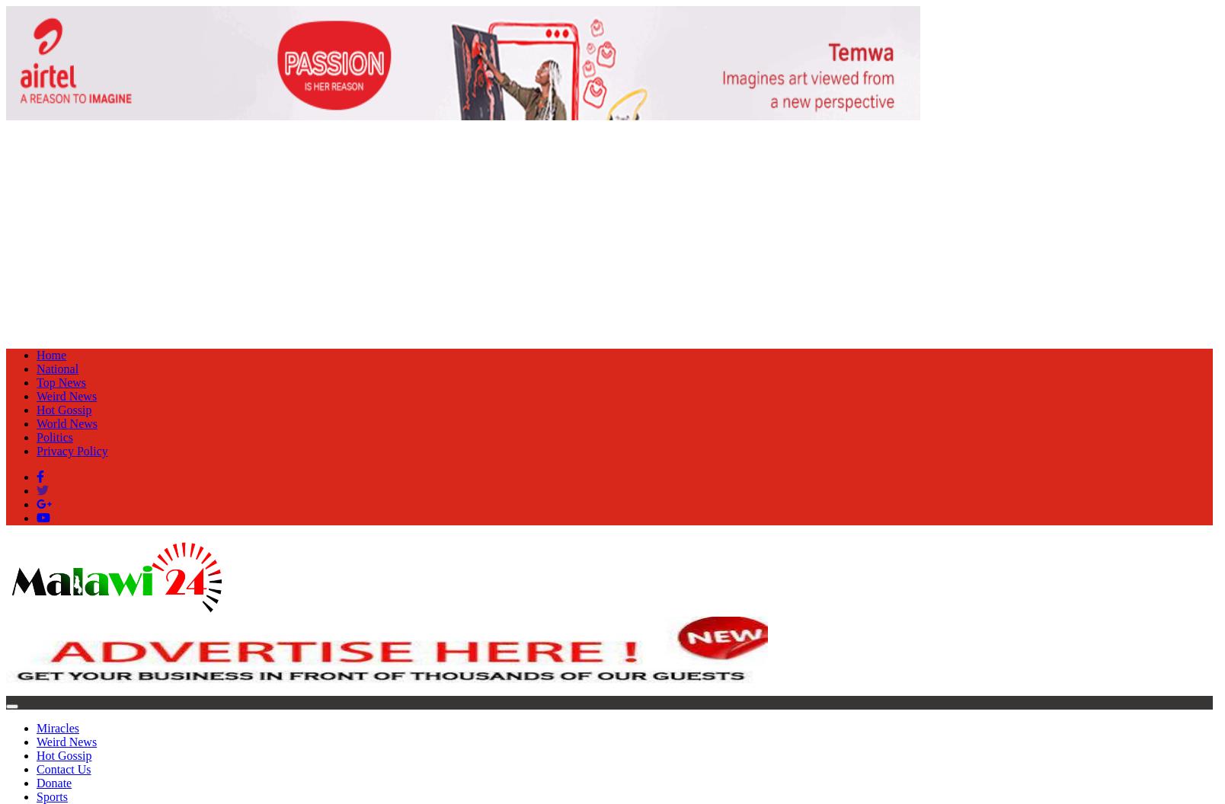 The image size is (1225, 804). I want to click on 'National', so click(57, 368).